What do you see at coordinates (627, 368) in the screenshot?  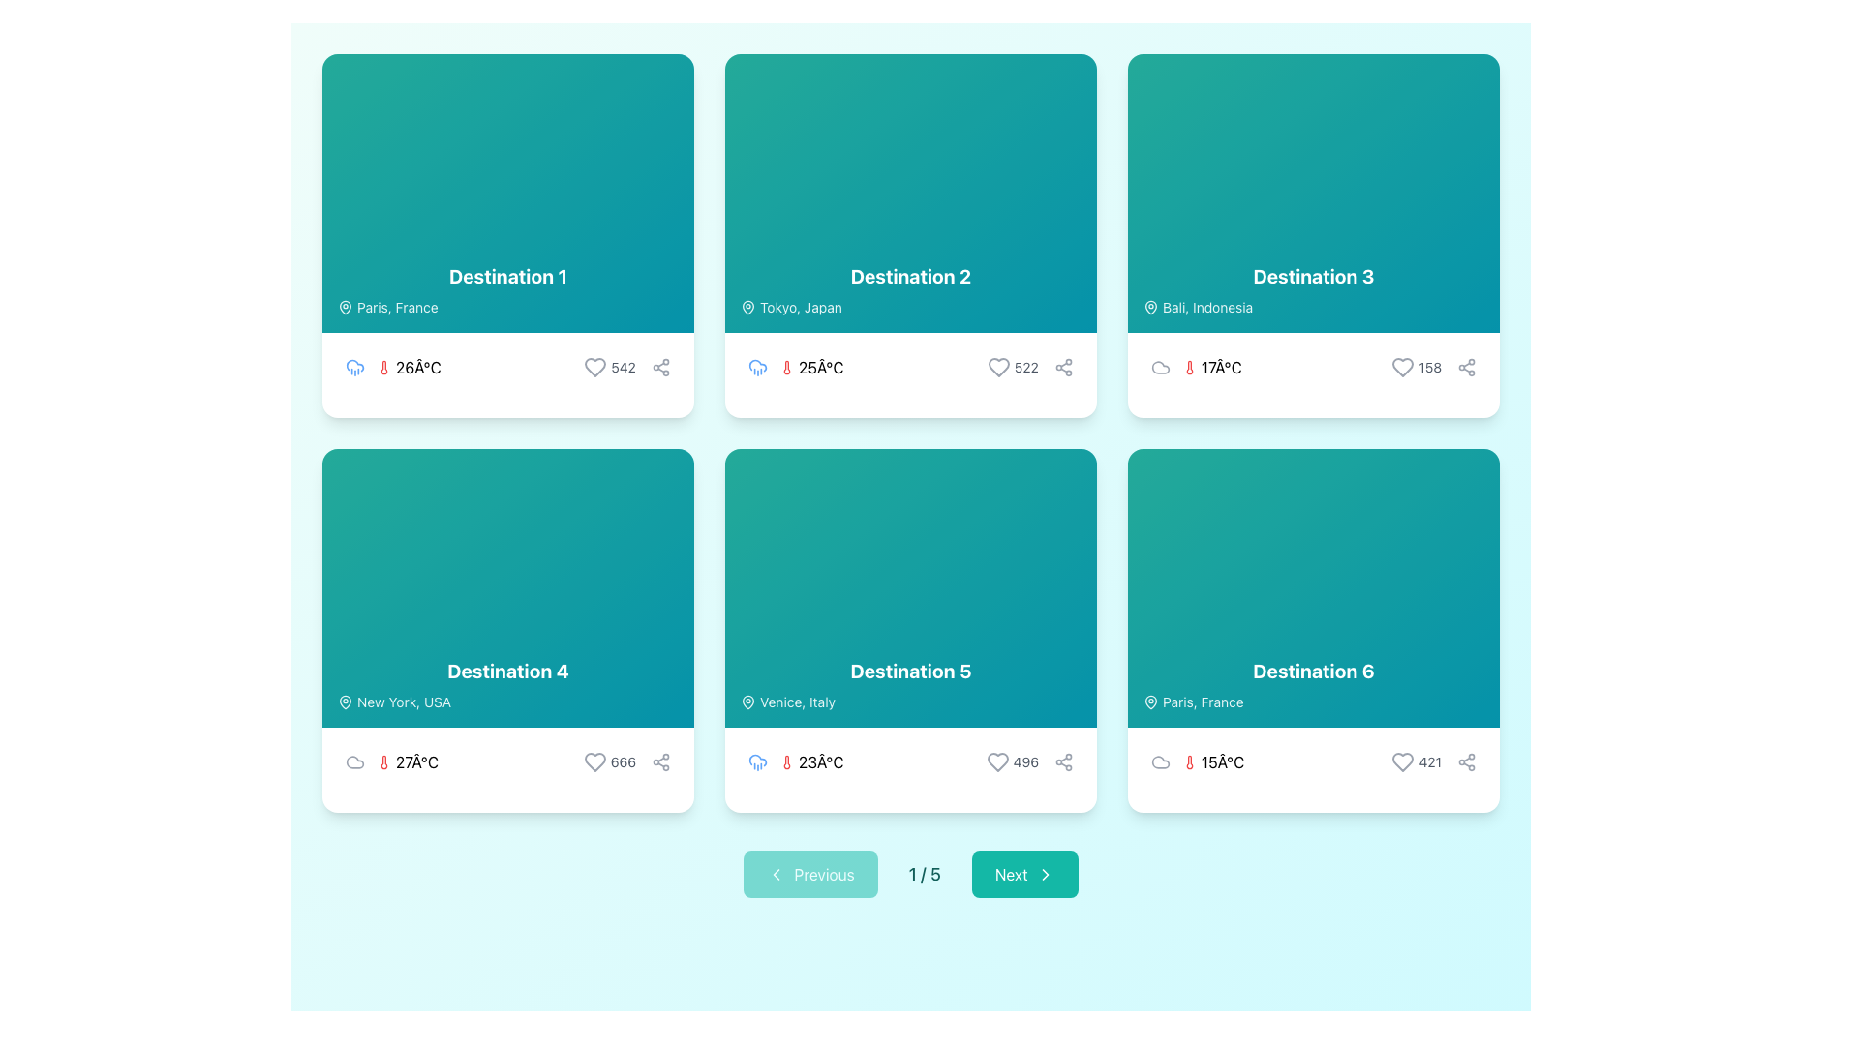 I see `the Text Label displaying the count of likes associated with the card's content, located to the right of the heart icon in the lower section of the 'Destination 1' card` at bounding box center [627, 368].